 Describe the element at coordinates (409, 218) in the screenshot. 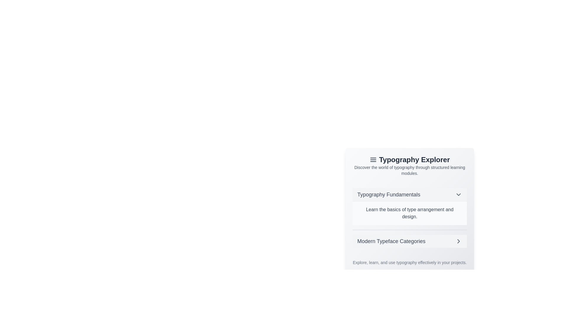

I see `explanation text of the Interactive header titled 'Typography Fundamentals', which contains the text 'Learn the basics of type arrangement and design.'` at that location.